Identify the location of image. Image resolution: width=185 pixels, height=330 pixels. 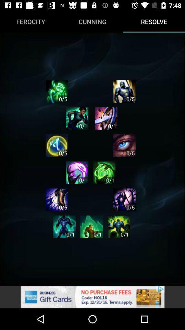
(118, 226).